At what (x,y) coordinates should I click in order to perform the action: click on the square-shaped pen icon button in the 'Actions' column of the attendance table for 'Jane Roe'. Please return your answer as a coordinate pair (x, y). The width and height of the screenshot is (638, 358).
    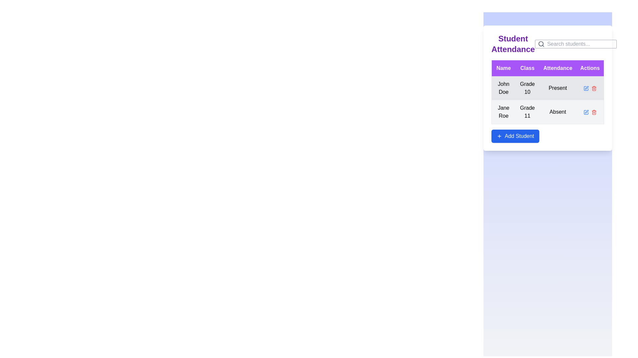
    Looking at the image, I should click on (586, 112).